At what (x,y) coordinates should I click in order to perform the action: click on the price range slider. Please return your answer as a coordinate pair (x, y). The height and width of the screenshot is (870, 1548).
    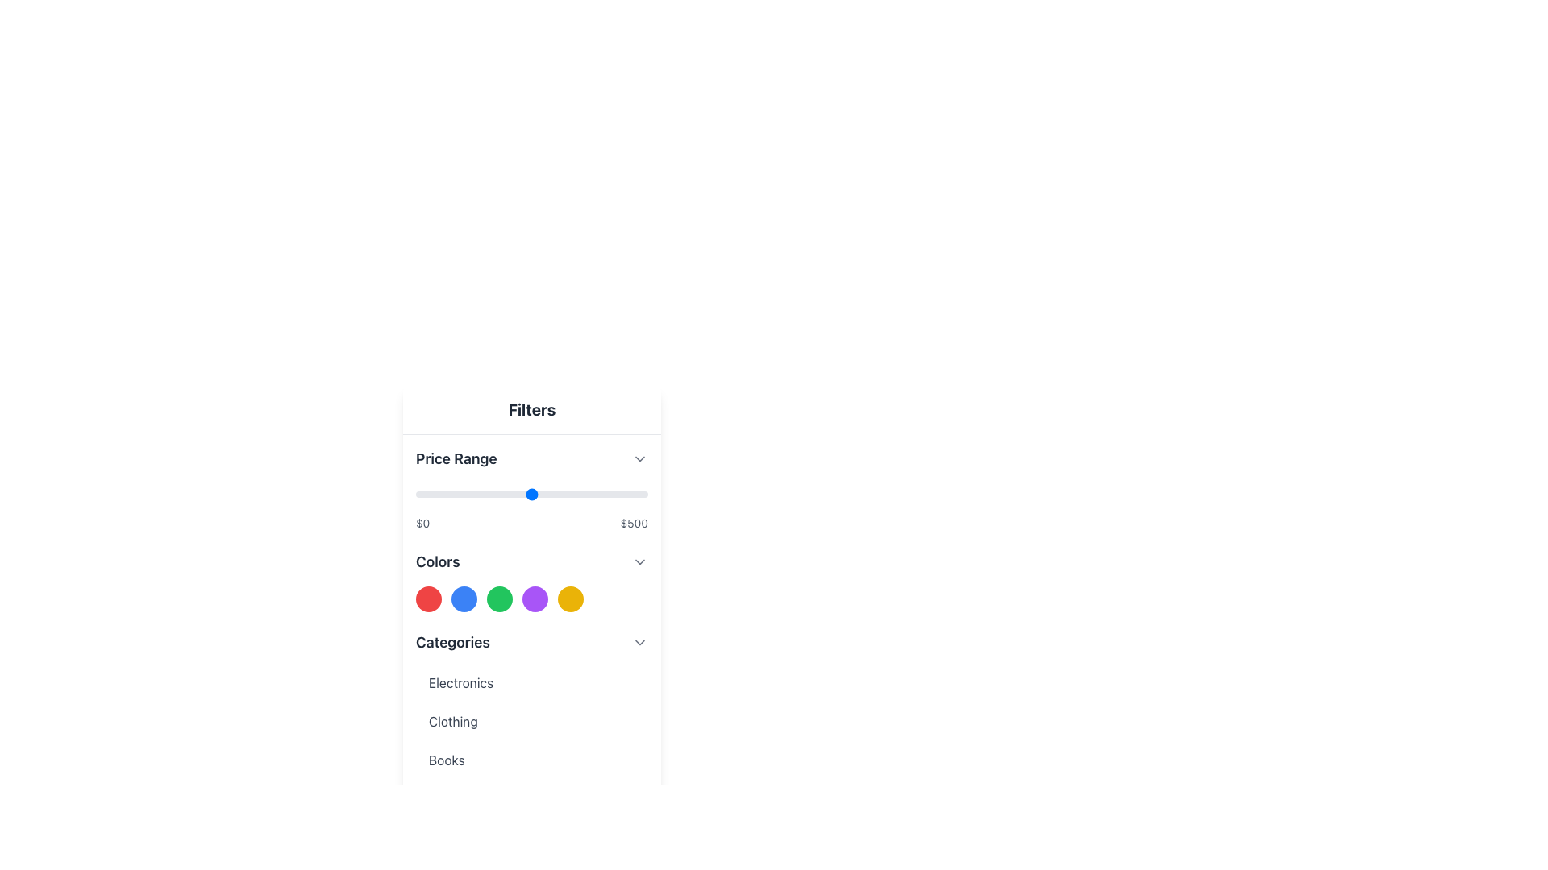
    Looking at the image, I should click on (523, 493).